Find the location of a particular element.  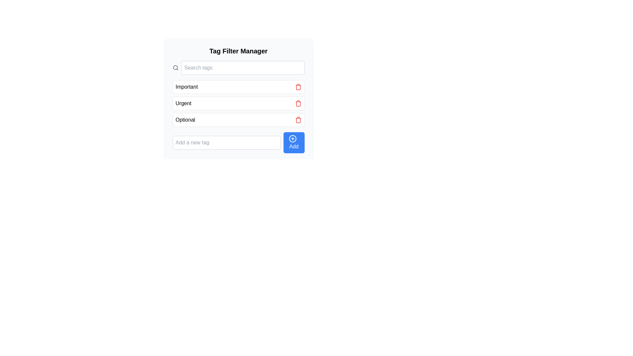

the SVG circle element that visually indicates the 'Add' operation within the blue 'Add' button located at the bottom-right of the UI component is located at coordinates (292, 138).